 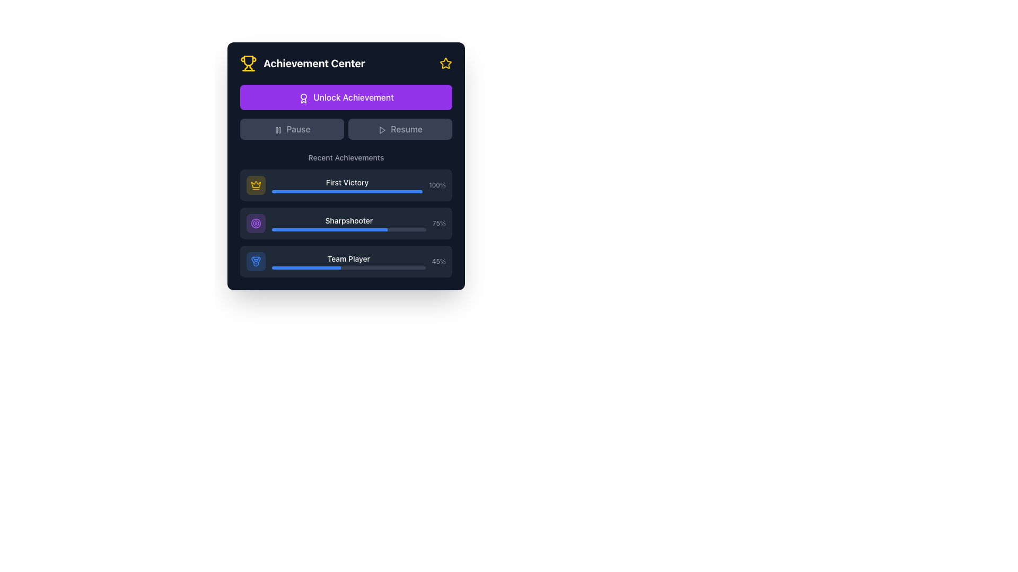 What do you see at coordinates (256, 261) in the screenshot?
I see `the medal icon representing the 'Team Player' achievement, which is a vector-based icon outlined in blue on a circular background, located at the bottom portion of the panel` at bounding box center [256, 261].